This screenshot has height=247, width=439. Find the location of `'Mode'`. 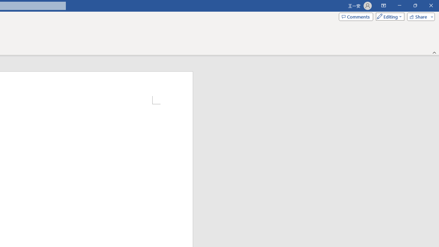

'Mode' is located at coordinates (389, 16).